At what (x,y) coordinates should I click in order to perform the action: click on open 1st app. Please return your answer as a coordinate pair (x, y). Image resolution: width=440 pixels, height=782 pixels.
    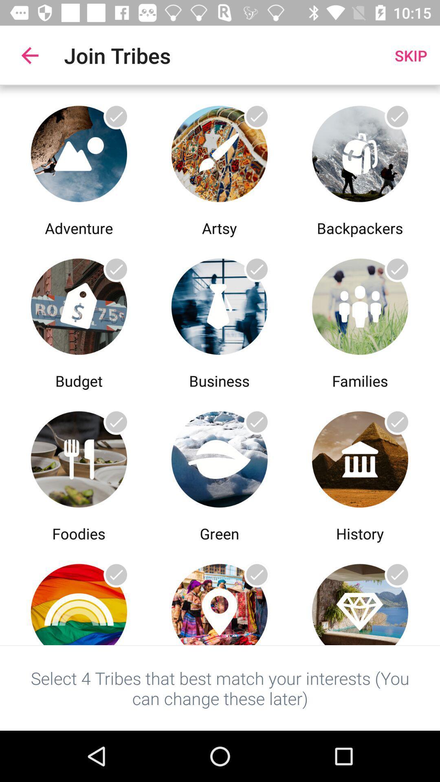
    Looking at the image, I should click on (79, 152).